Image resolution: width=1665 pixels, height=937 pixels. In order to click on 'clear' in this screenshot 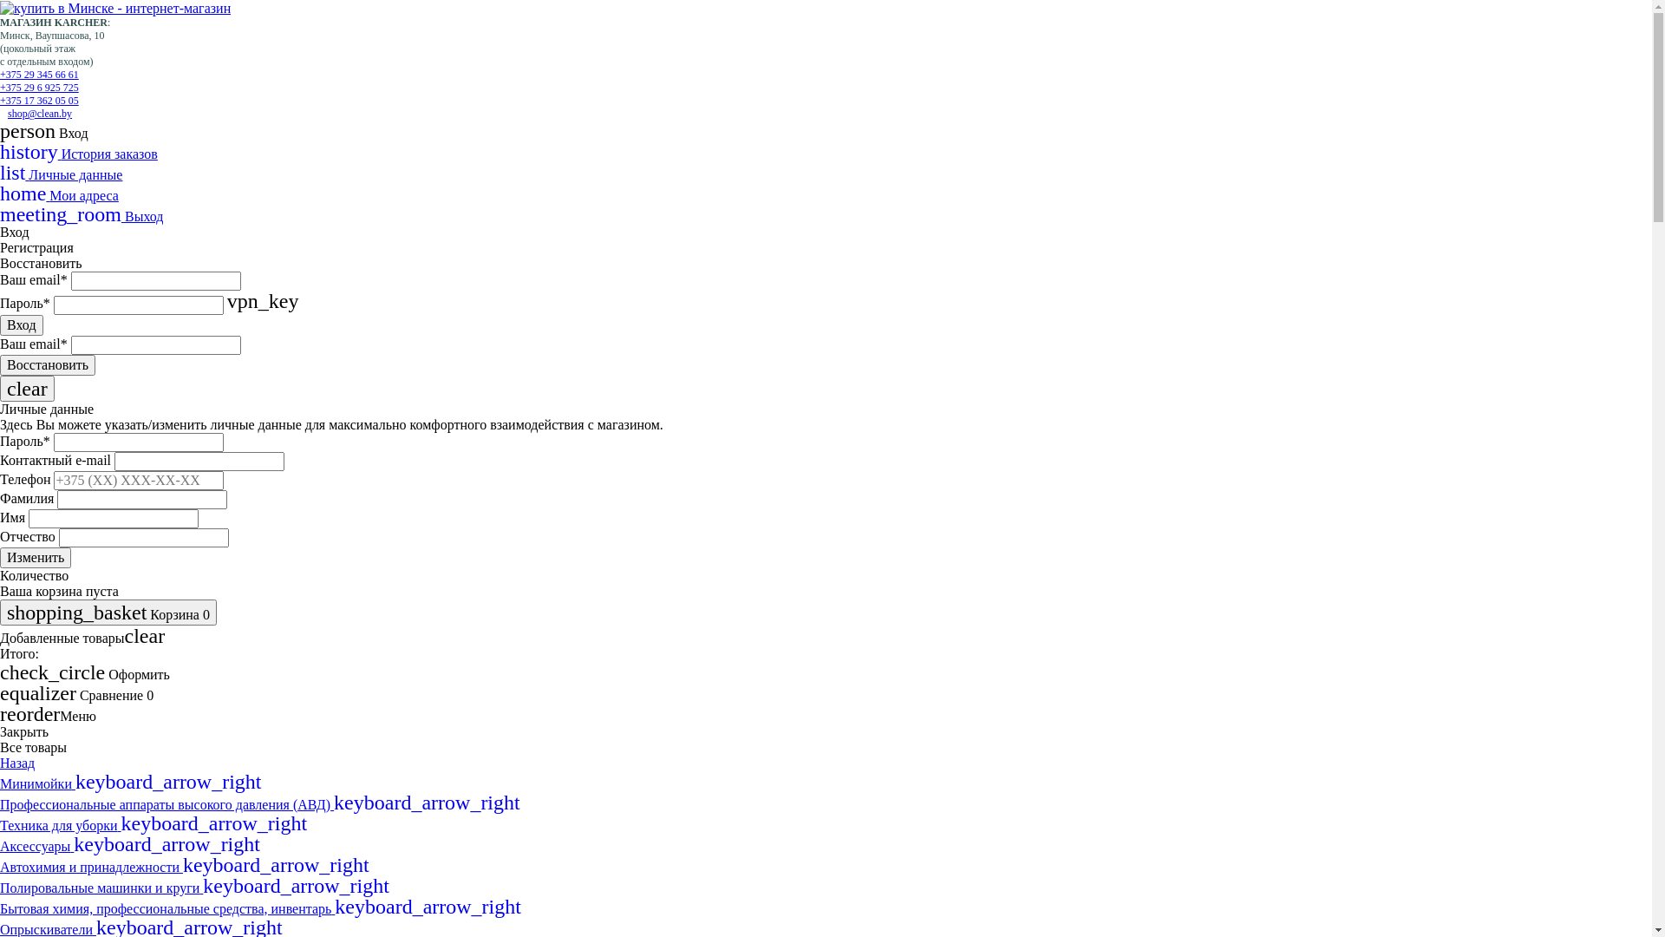, I will do `click(27, 387)`.